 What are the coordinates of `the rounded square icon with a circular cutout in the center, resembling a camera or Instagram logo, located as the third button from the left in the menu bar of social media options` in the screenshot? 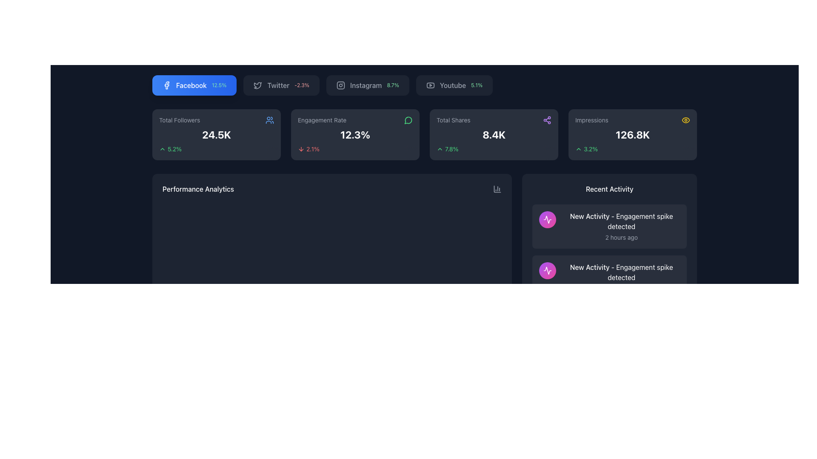 It's located at (340, 85).